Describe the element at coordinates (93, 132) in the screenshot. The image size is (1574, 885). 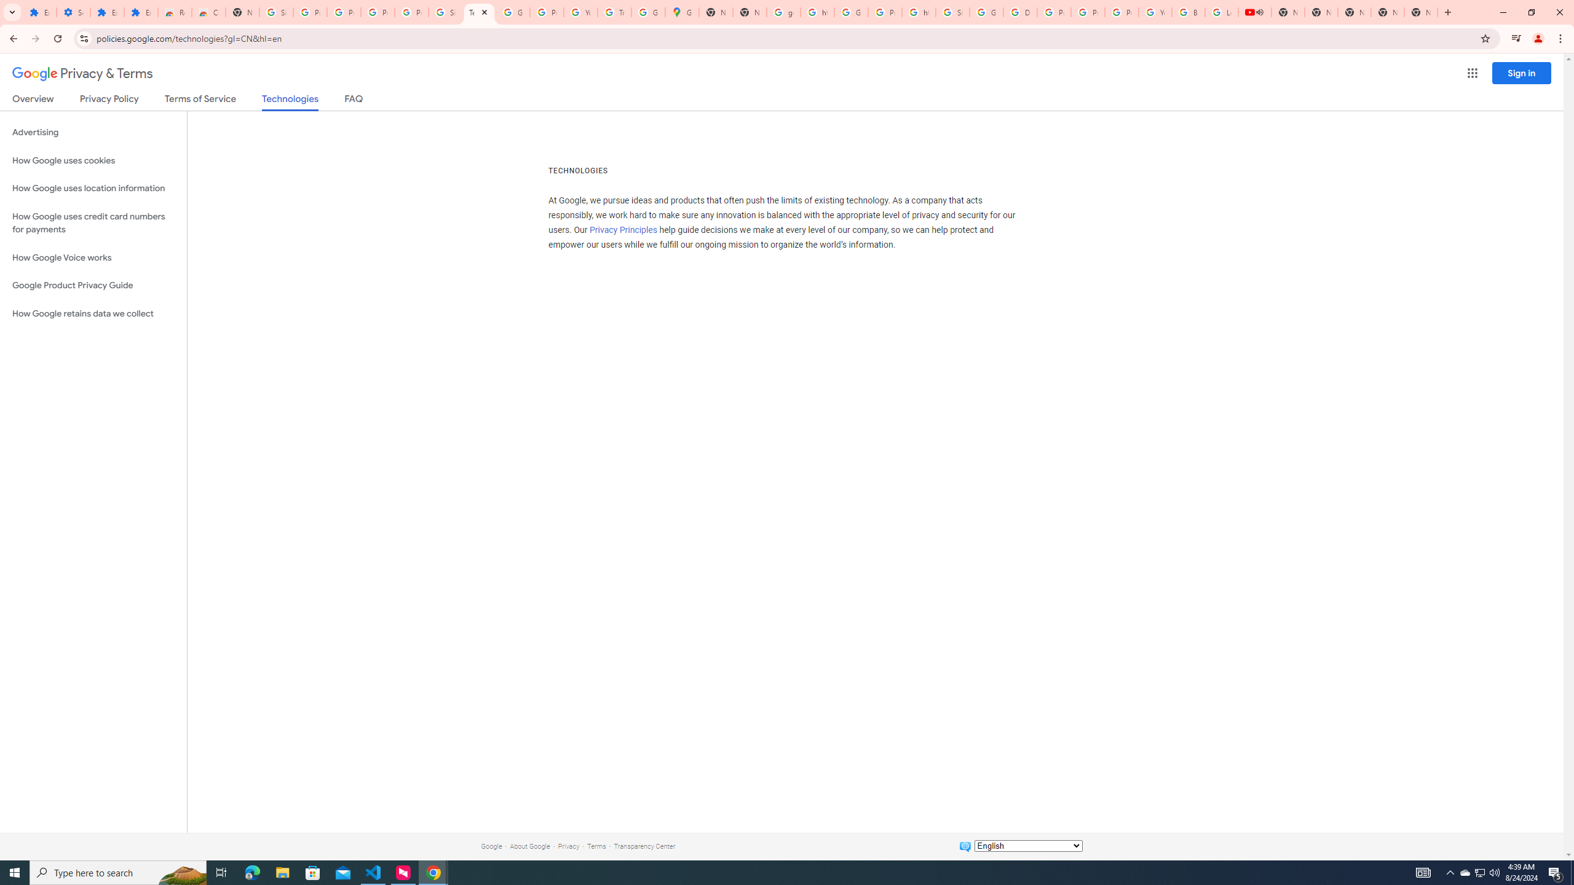
I see `'Advertising'` at that location.